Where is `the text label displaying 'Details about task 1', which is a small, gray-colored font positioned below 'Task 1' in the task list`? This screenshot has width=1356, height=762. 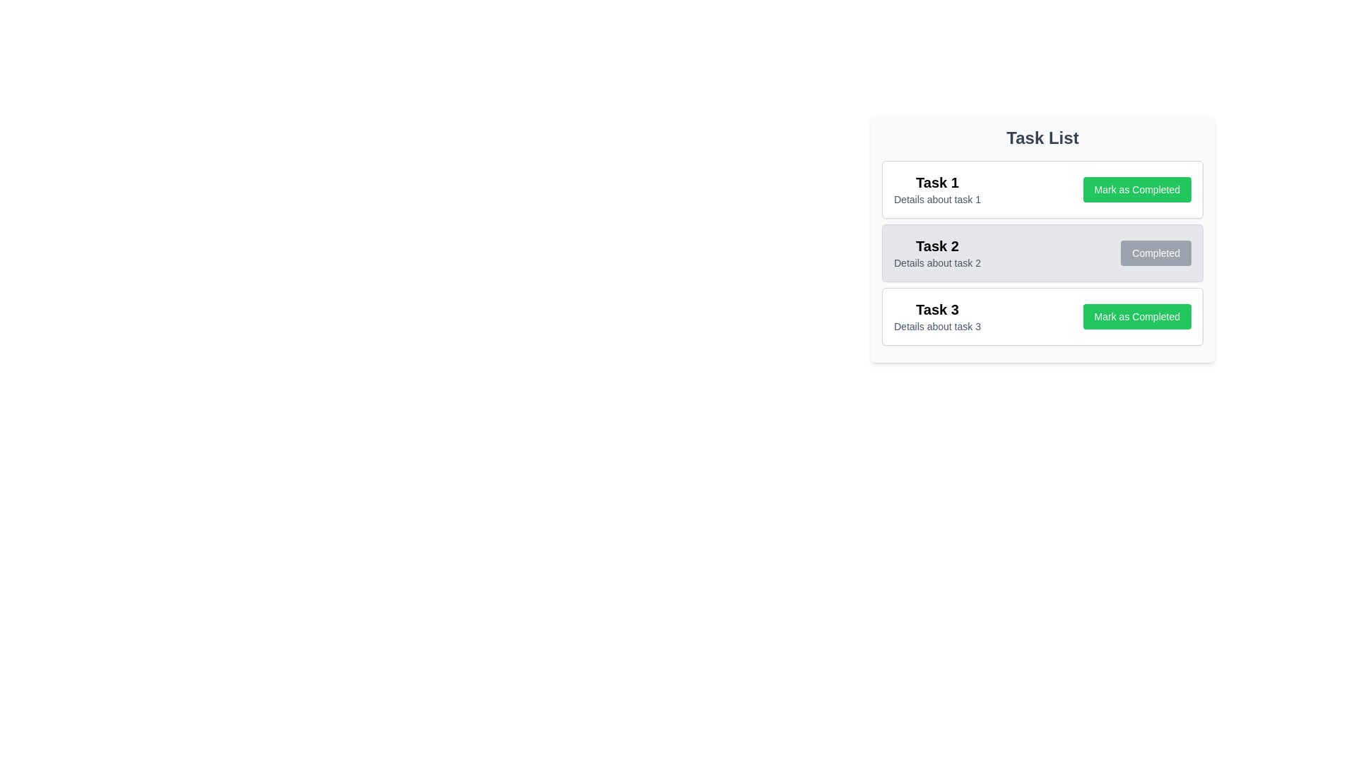
the text label displaying 'Details about task 1', which is a small, gray-colored font positioned below 'Task 1' in the task list is located at coordinates (937, 199).